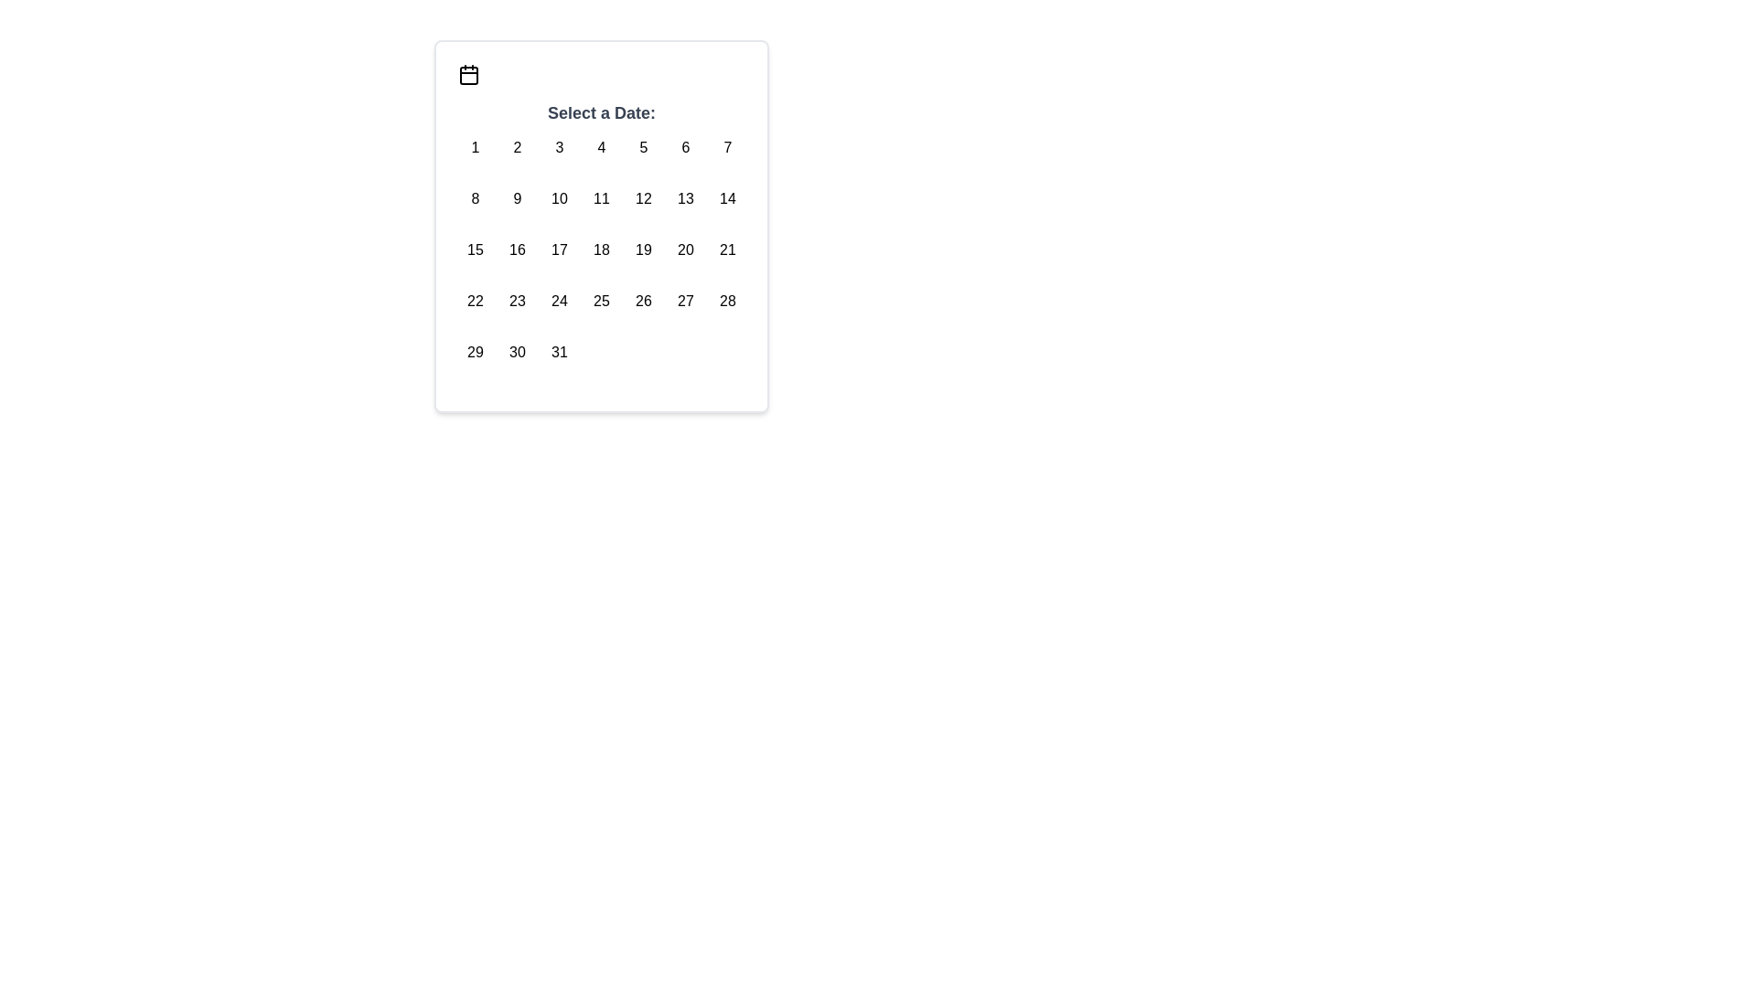  I want to click on the circular button labeled '7', so click(727, 147).